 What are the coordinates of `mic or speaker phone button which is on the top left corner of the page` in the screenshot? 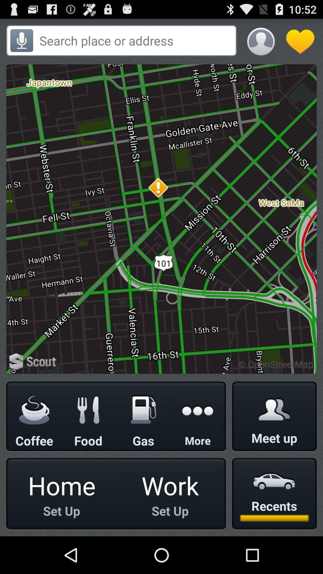 It's located at (22, 40).